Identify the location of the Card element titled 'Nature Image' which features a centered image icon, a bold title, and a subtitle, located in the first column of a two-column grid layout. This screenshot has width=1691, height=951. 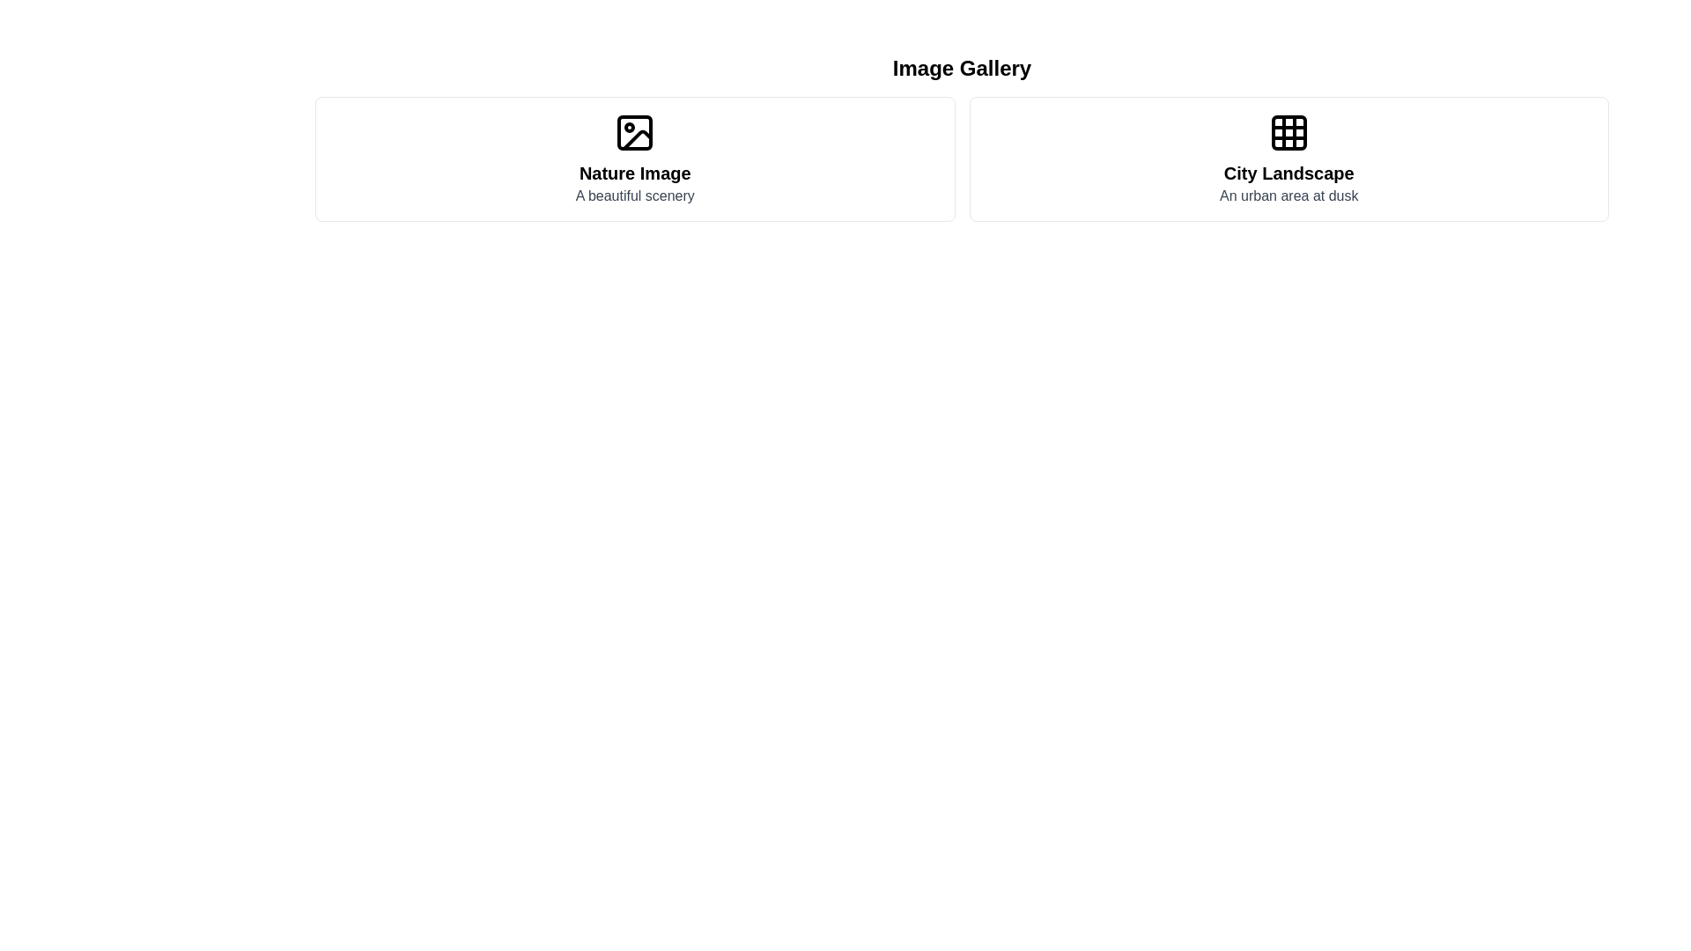
(634, 159).